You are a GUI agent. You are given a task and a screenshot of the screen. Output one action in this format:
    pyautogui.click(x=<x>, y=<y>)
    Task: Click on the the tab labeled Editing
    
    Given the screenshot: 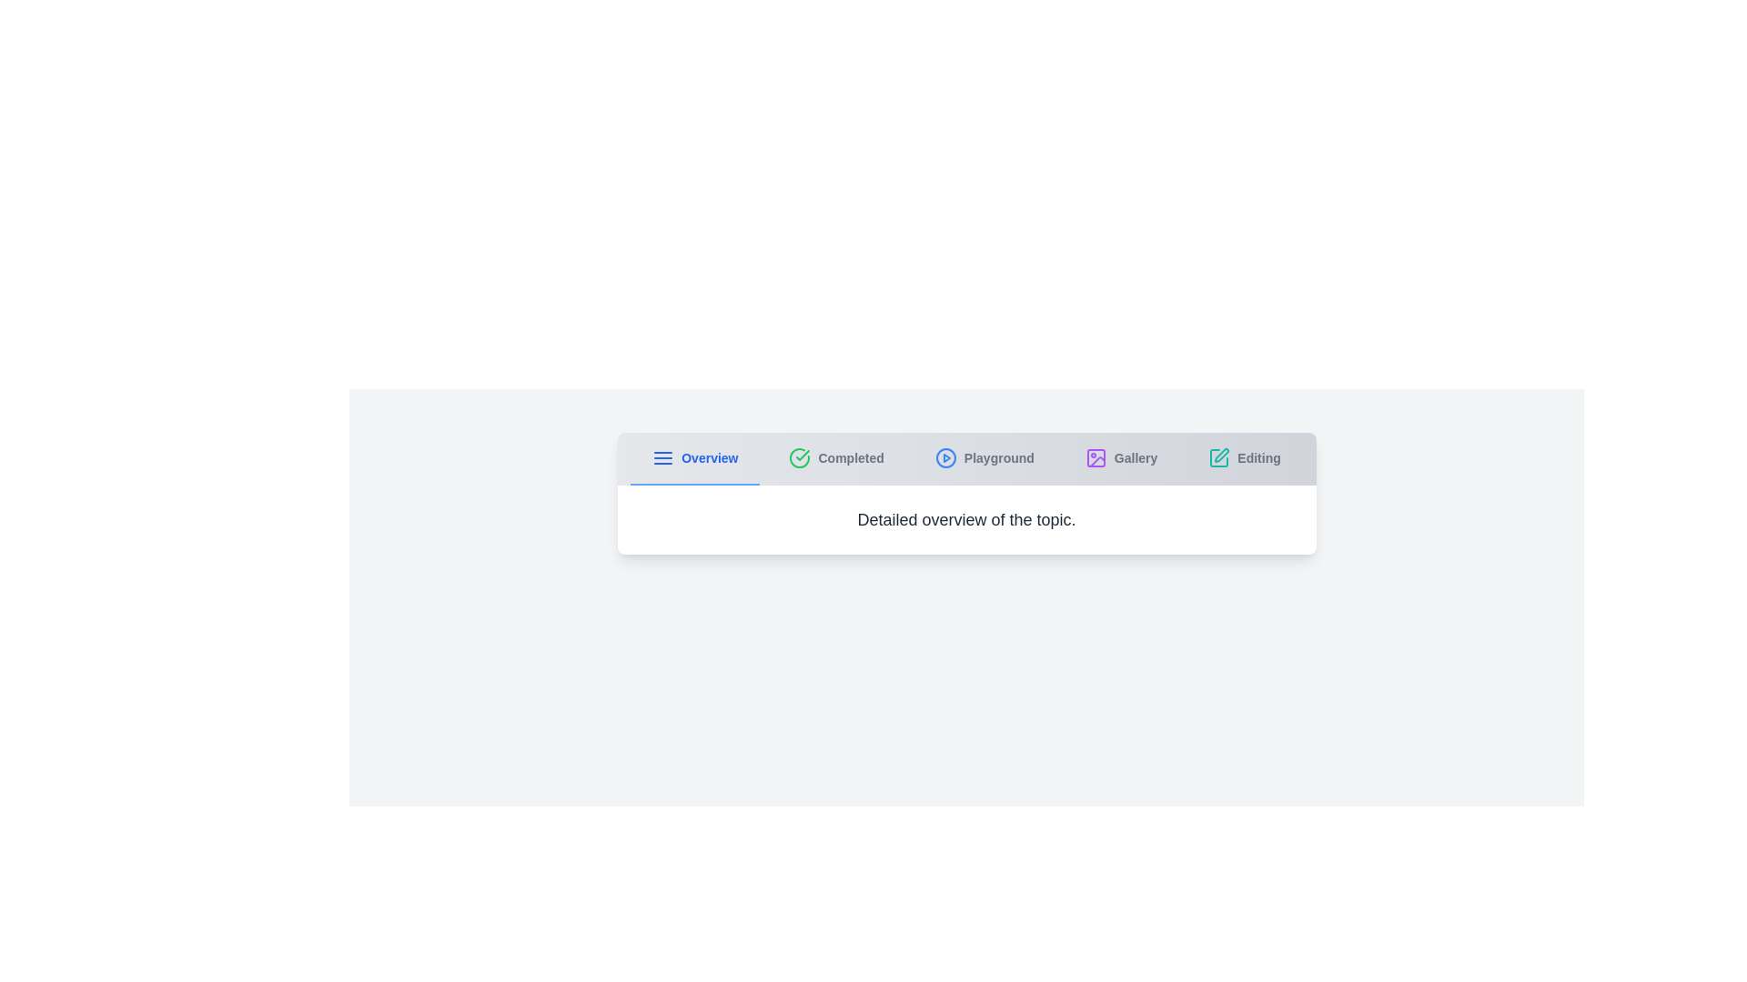 What is the action you would take?
    pyautogui.click(x=1244, y=458)
    